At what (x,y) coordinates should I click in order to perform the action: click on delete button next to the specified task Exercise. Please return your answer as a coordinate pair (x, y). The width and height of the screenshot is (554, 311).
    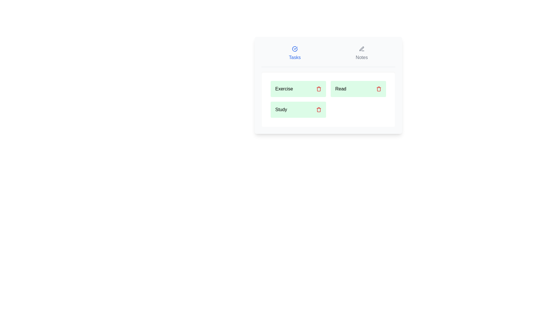
    Looking at the image, I should click on (318, 89).